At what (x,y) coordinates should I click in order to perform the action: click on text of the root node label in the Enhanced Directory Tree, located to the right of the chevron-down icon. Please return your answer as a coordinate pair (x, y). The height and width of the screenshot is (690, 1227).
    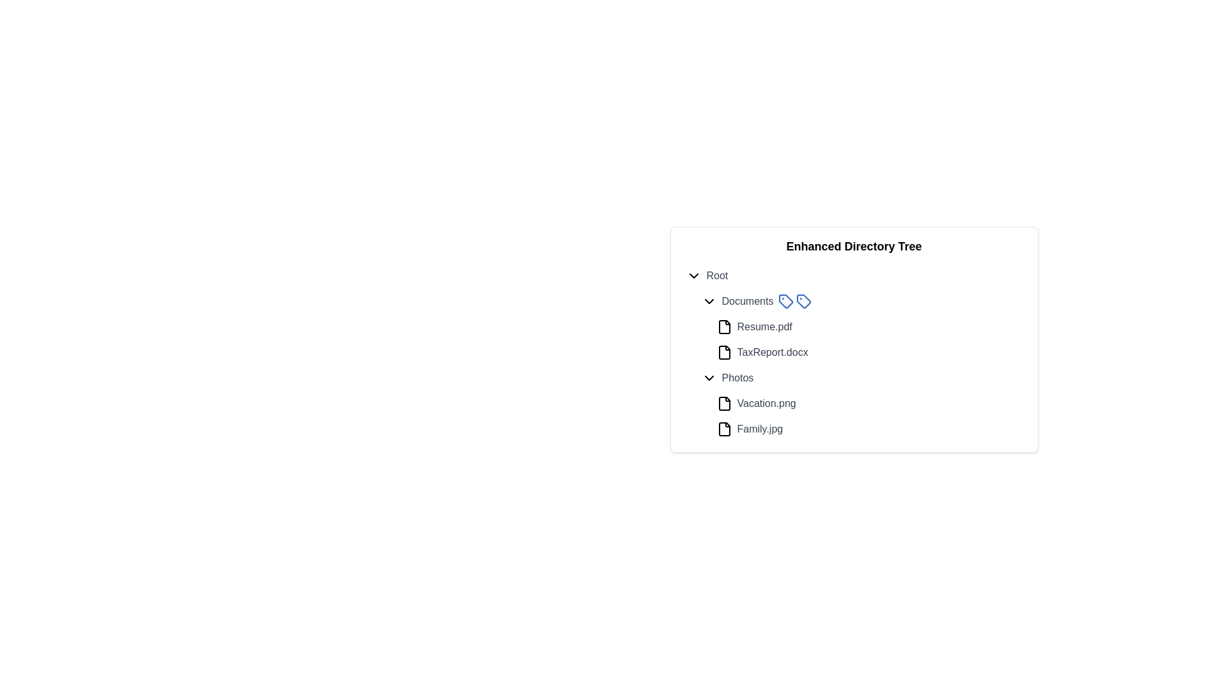
    Looking at the image, I should click on (717, 275).